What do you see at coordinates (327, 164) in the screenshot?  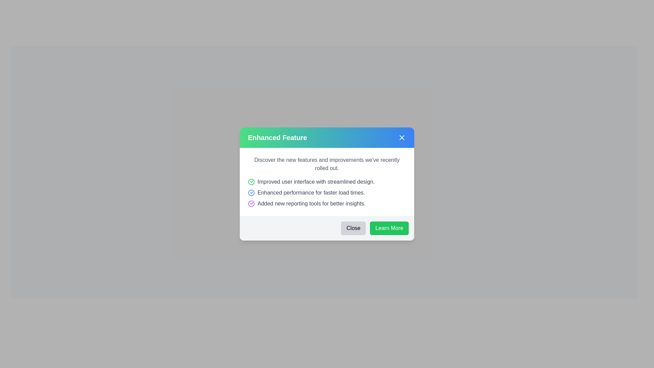 I see `the introductory text label in the modal dialog box that describes recent updates or features, located beneath the title 'Enhanced Feature'` at bounding box center [327, 164].